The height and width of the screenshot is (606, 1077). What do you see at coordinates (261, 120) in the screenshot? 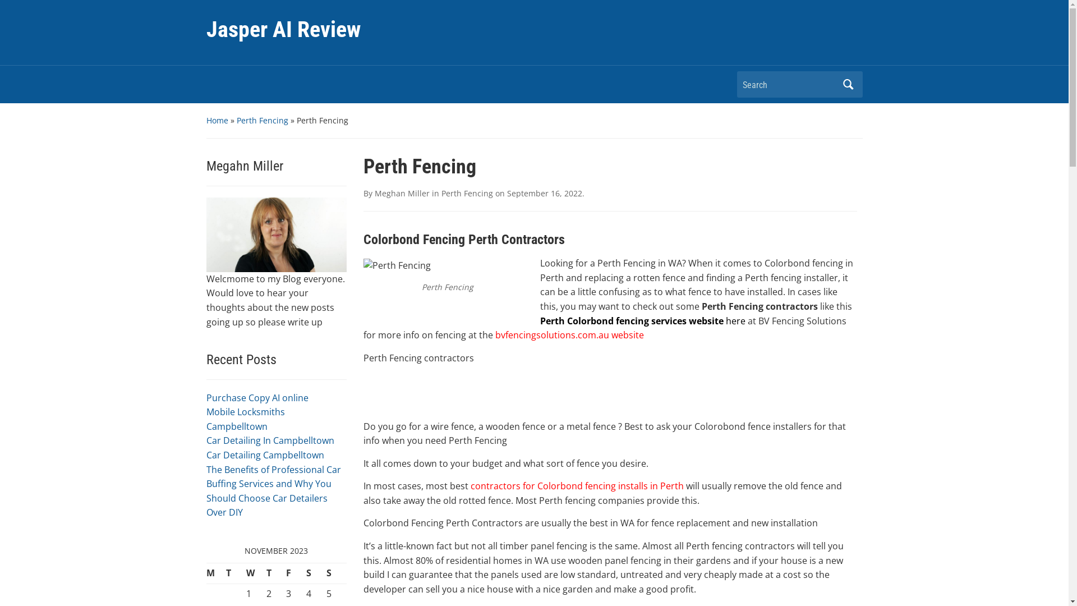
I see `'Perth Fencing'` at bounding box center [261, 120].